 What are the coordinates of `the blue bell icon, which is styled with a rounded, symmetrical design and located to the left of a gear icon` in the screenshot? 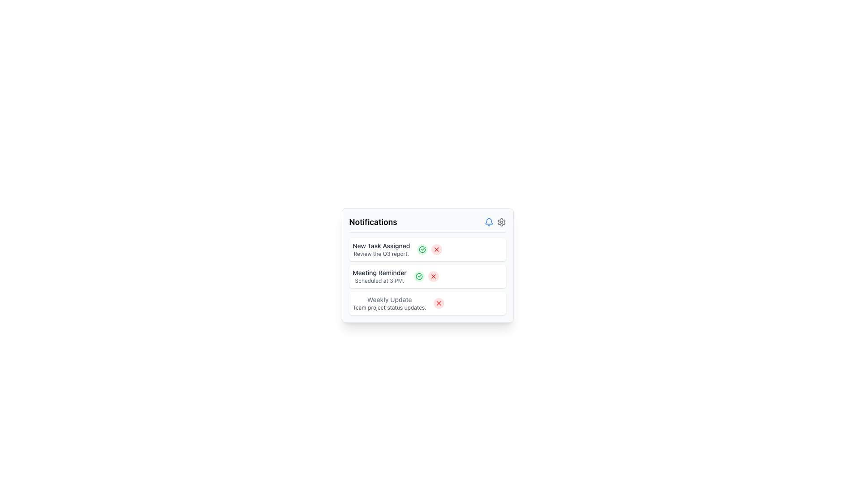 It's located at (488, 222).